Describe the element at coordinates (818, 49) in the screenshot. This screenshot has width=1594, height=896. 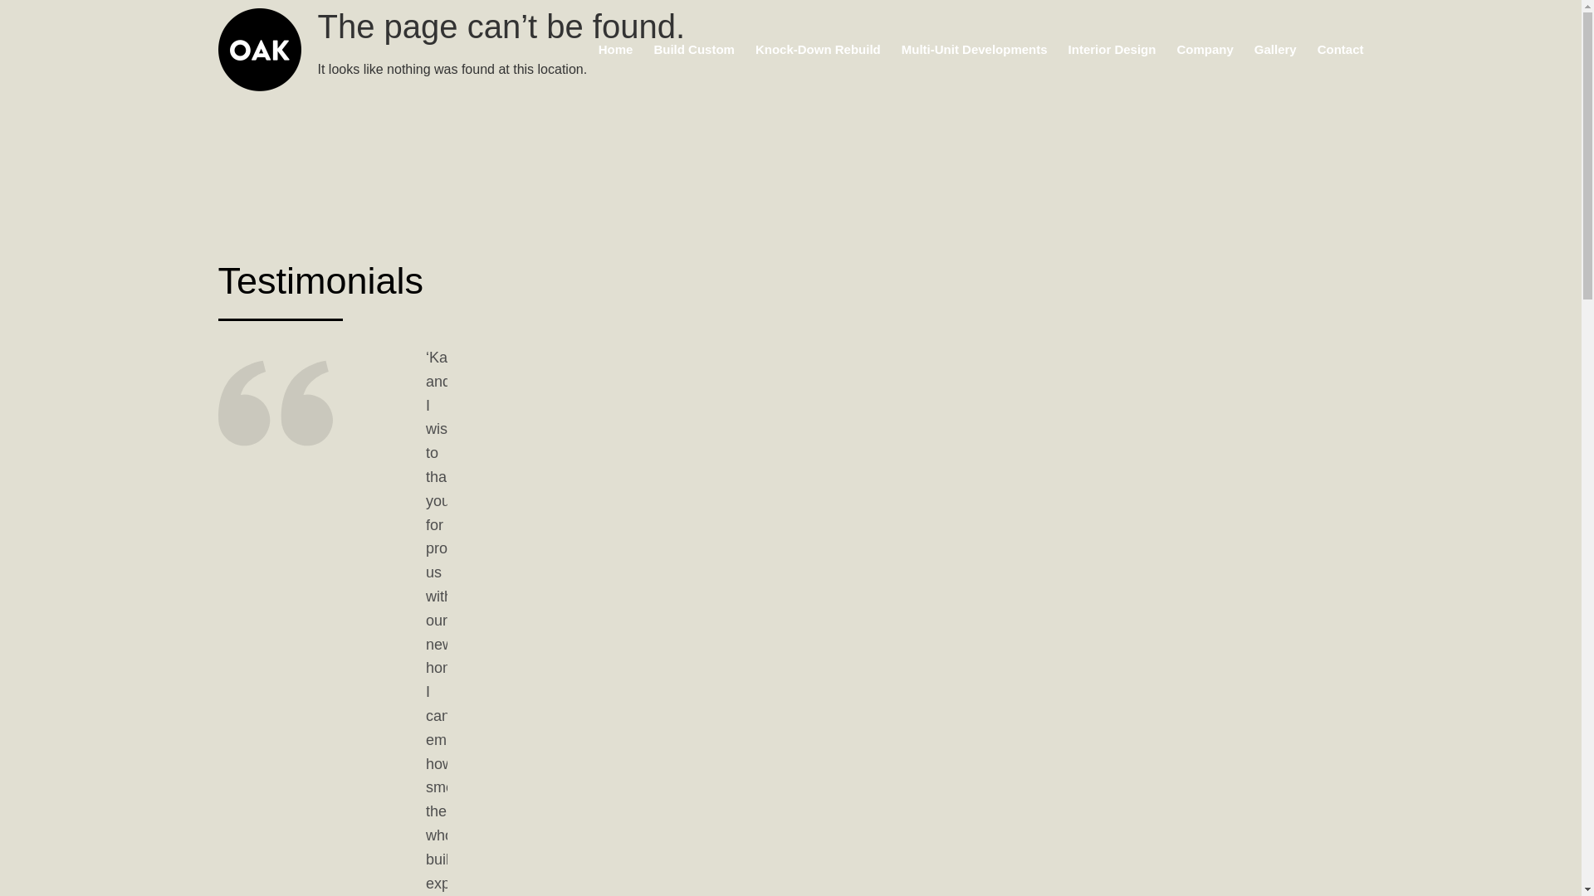
I see `'Knock-Down Rebuild'` at that location.